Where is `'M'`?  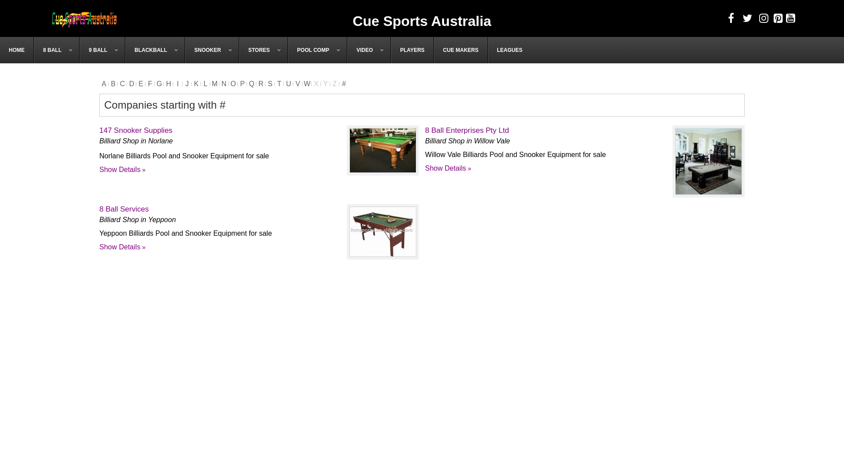 'M' is located at coordinates (210, 84).